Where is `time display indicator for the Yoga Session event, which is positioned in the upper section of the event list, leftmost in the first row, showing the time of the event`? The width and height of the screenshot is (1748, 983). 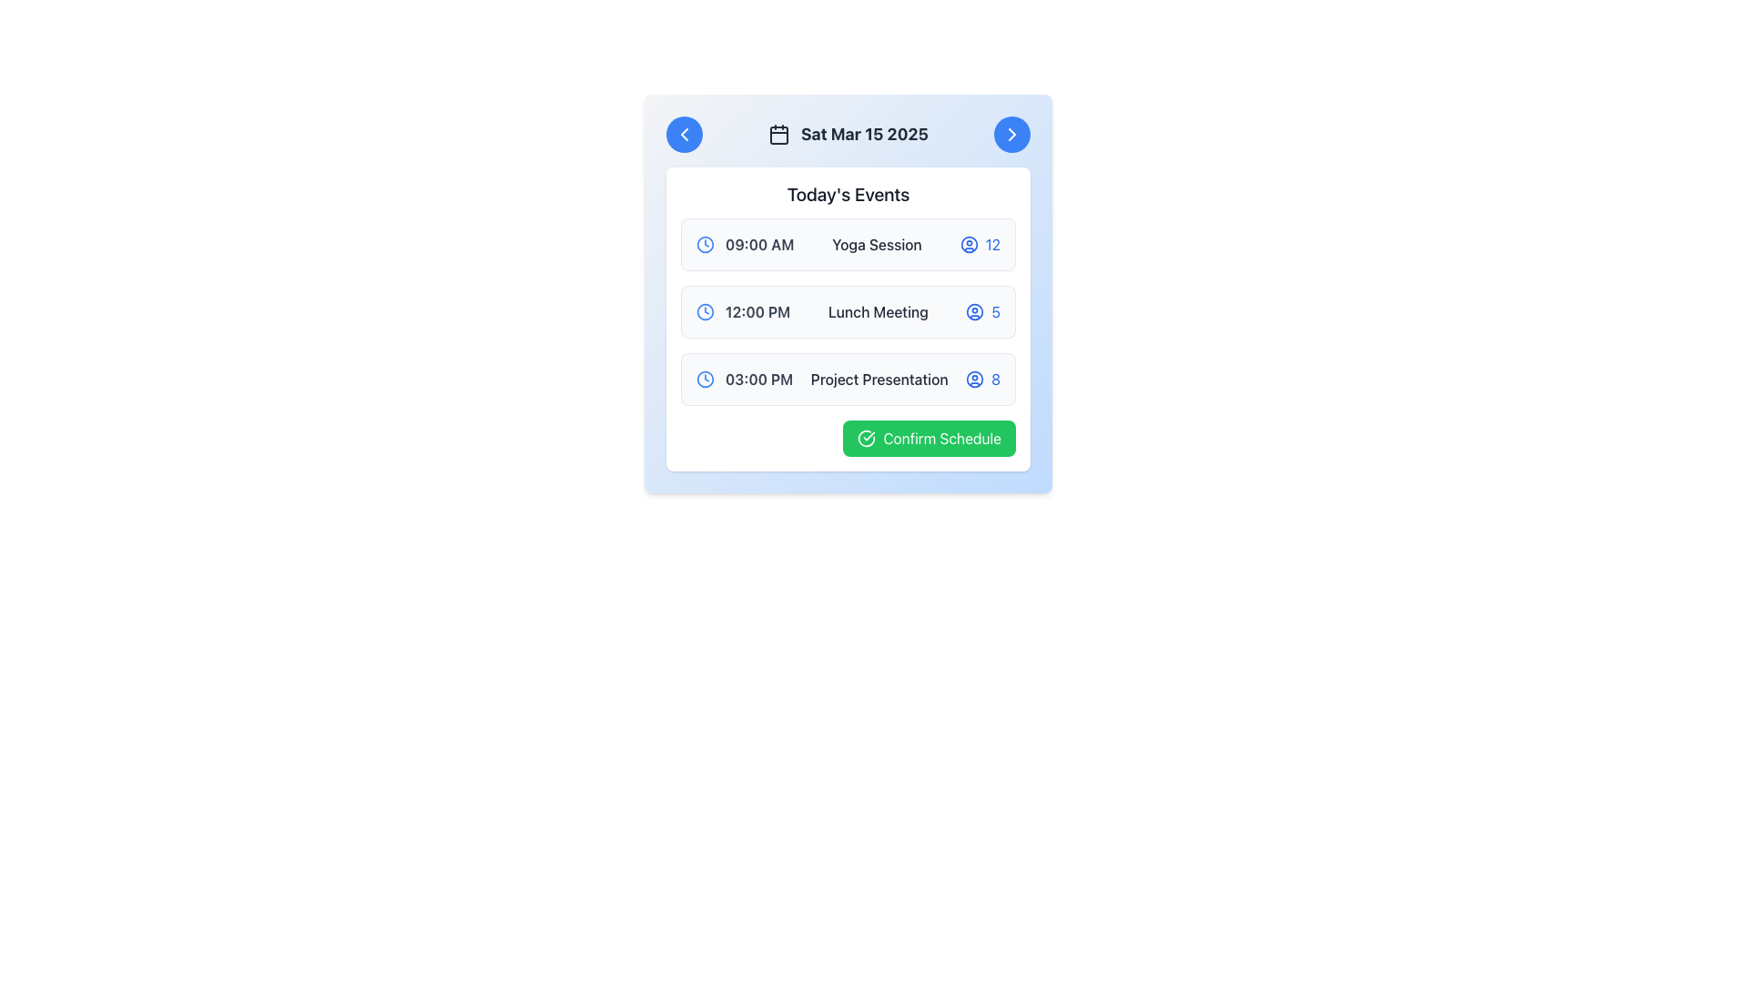 time display indicator for the Yoga Session event, which is positioned in the upper section of the event list, leftmost in the first row, showing the time of the event is located at coordinates (745, 244).